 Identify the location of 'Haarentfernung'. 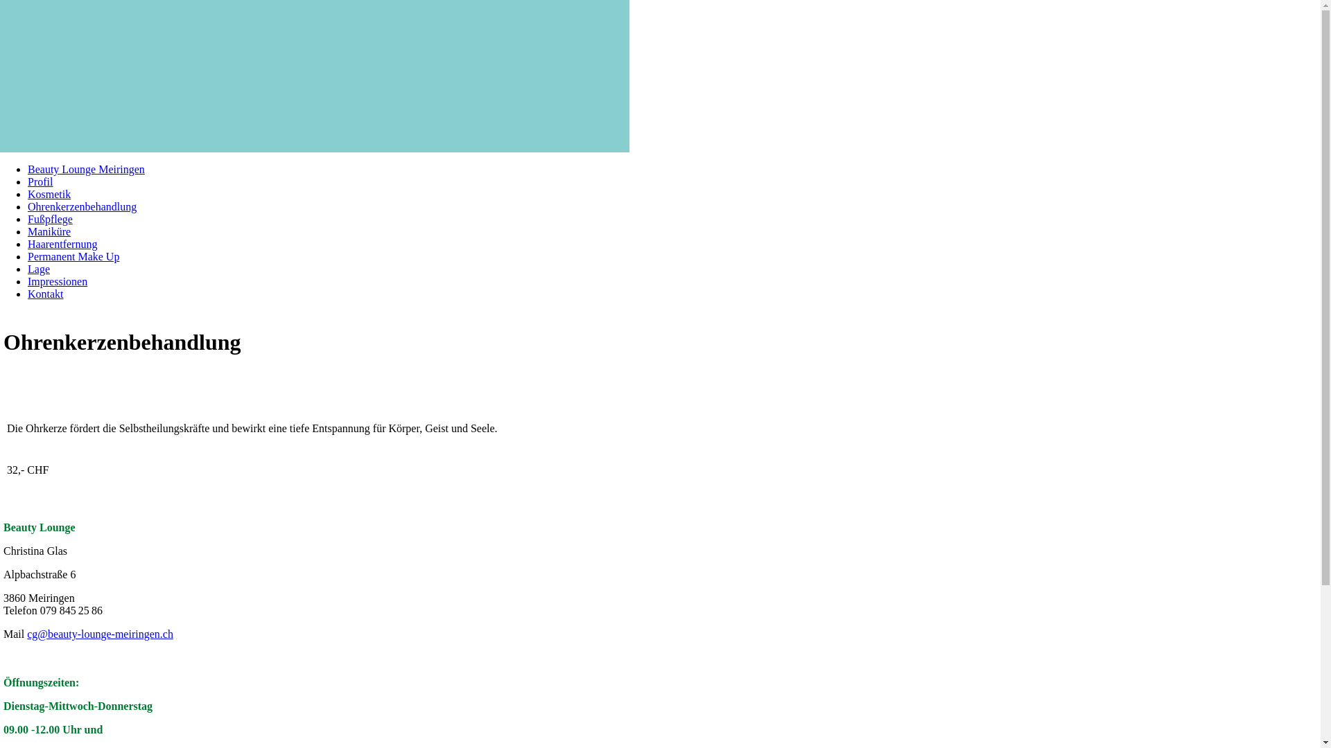
(62, 243).